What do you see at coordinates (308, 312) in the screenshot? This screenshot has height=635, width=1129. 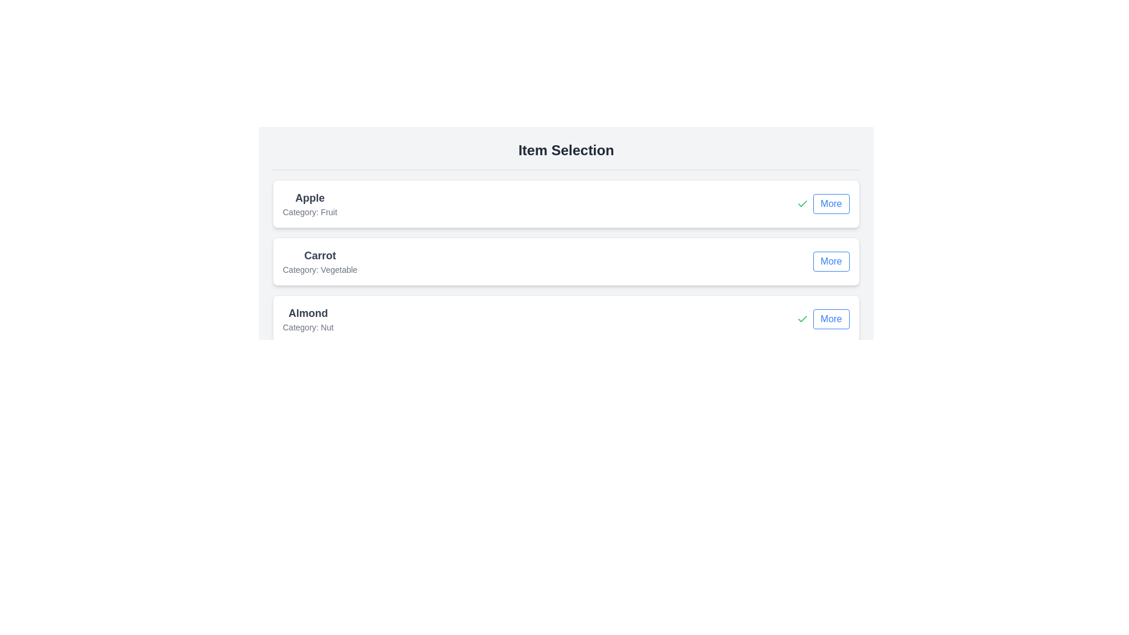 I see `the Text Label that represents the item 'Almond', which is positioned above the text 'Category: Nut' in the categorized list` at bounding box center [308, 312].